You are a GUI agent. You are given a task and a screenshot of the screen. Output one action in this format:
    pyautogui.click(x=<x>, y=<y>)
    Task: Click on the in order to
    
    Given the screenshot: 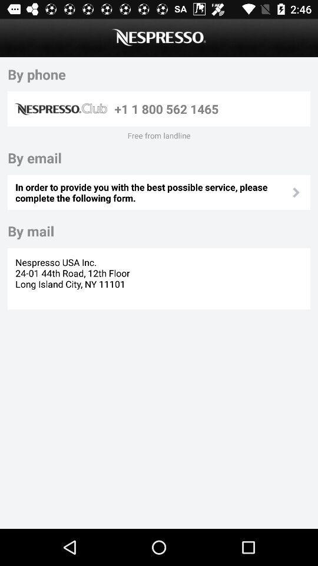 What is the action you would take?
    pyautogui.click(x=153, y=192)
    